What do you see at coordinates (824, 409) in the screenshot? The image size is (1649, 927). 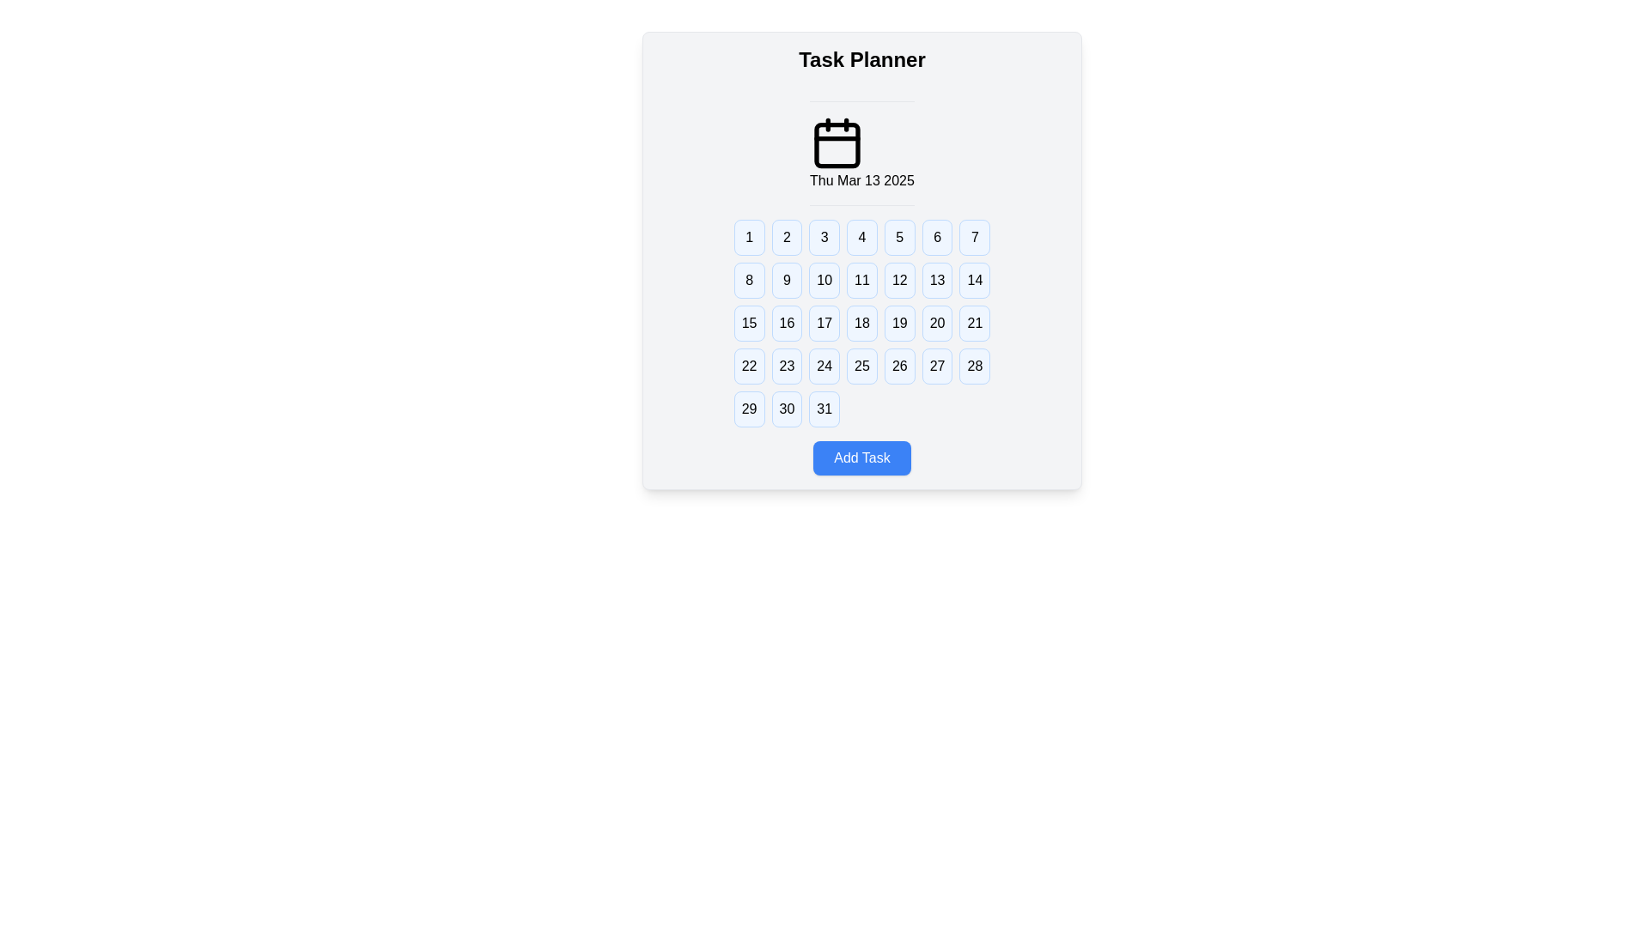 I see `the square button with rounded corners, a blue border, and a light blue background containing the number '31' centered in black text` at bounding box center [824, 409].